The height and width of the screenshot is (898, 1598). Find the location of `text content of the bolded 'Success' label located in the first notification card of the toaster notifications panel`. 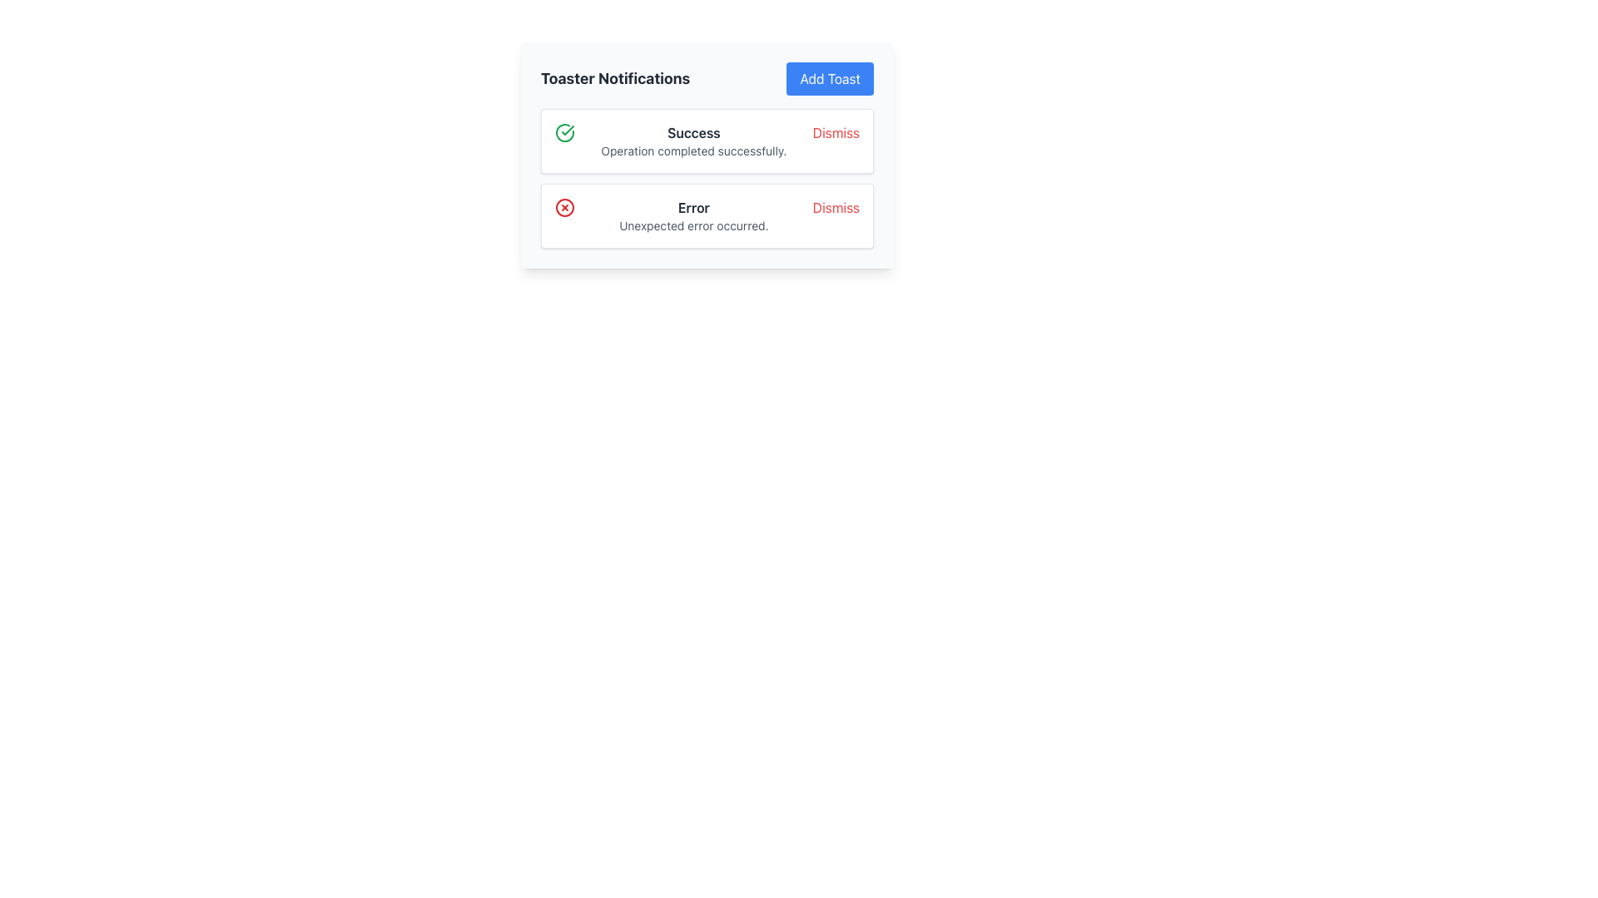

text content of the bolded 'Success' label located in the first notification card of the toaster notifications panel is located at coordinates (693, 131).